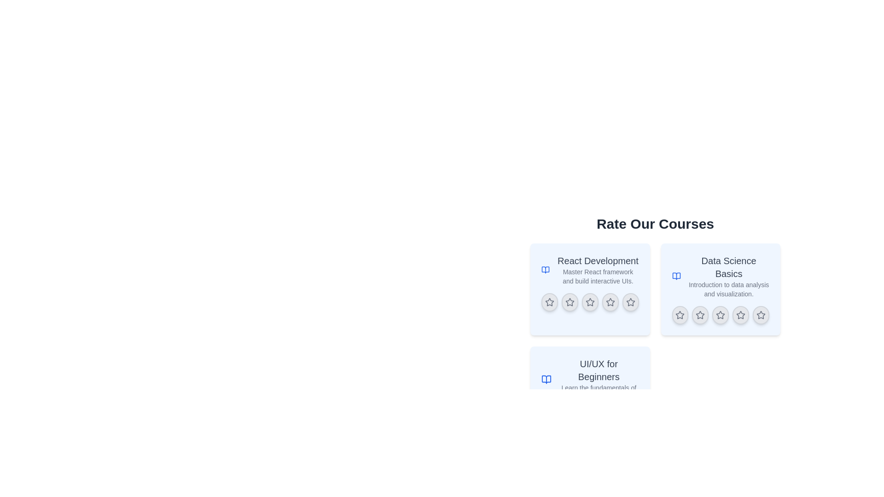 This screenshot has width=884, height=497. I want to click on the fifth button in the horizontal row of five identical buttons, so click(761, 315).